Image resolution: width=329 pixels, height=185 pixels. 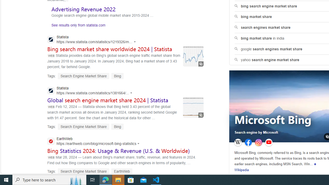 What do you see at coordinates (248, 142) in the screenshot?
I see `'Facebook'` at bounding box center [248, 142].